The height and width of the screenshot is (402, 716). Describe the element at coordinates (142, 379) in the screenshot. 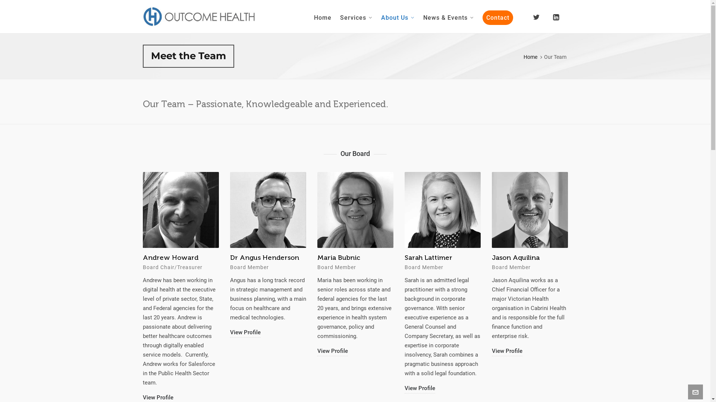

I see `'View Profile'` at that location.